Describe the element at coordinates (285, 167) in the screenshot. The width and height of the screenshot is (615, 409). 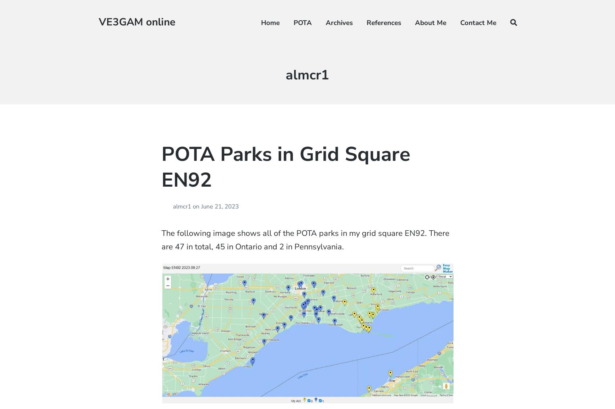
I see `'POTA Parks in Grid Square EN92'` at that location.